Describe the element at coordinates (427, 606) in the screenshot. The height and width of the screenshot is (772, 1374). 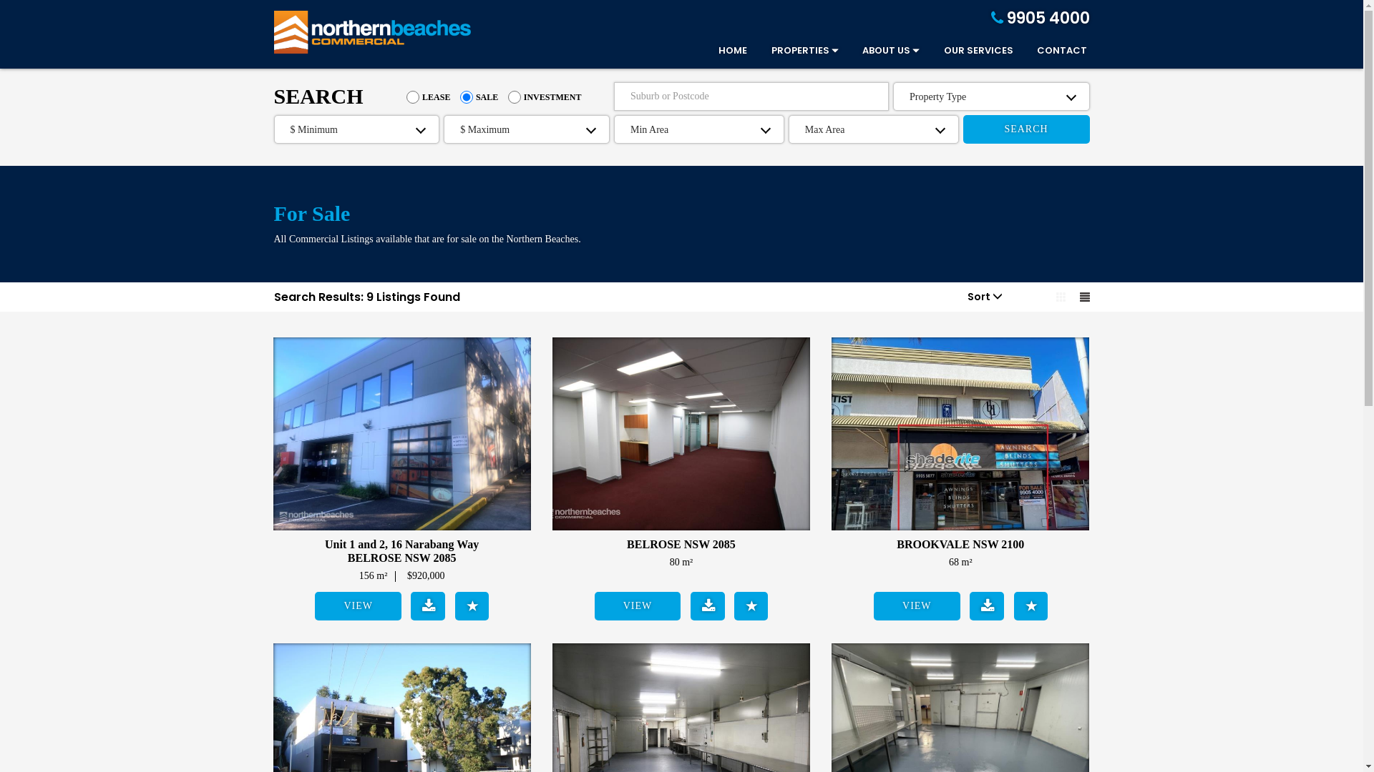
I see `'Download Brochure'` at that location.